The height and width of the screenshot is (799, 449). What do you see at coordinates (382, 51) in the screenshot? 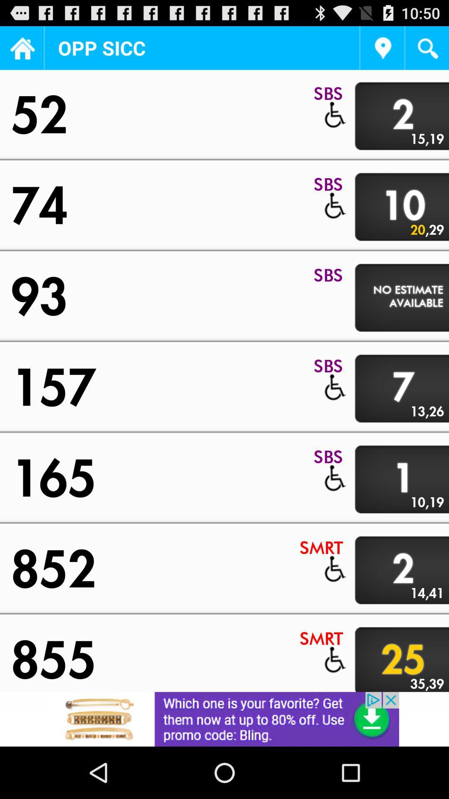
I see `the location icon` at bounding box center [382, 51].